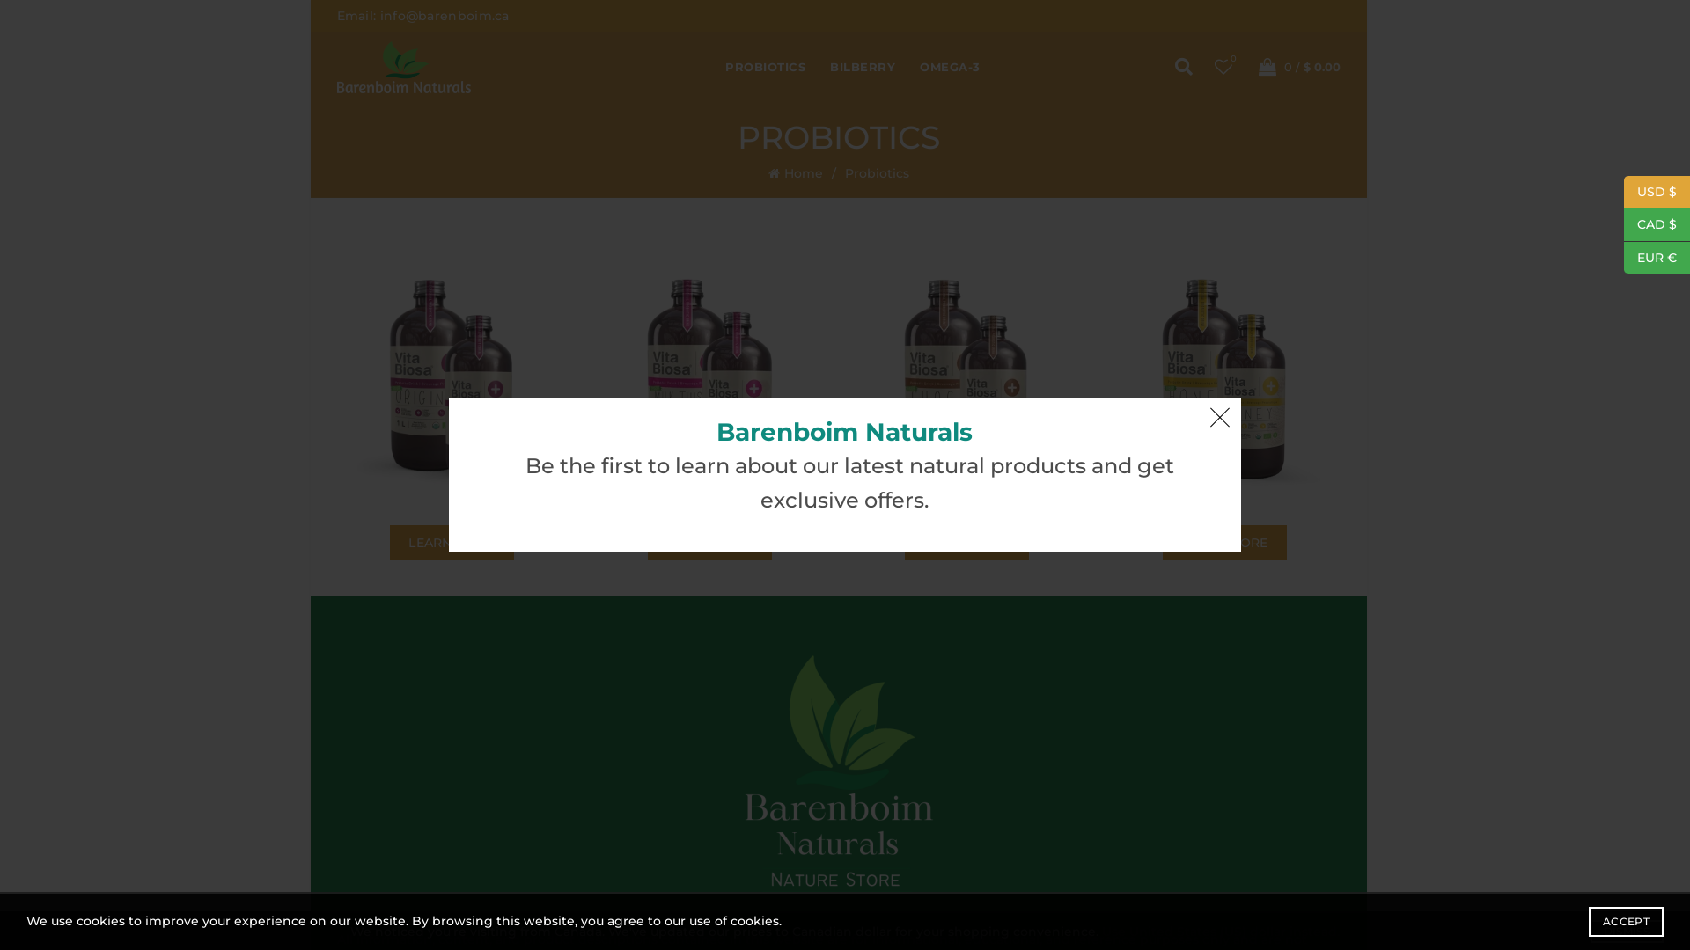  What do you see at coordinates (908, 66) in the screenshot?
I see `'OMEGA-3'` at bounding box center [908, 66].